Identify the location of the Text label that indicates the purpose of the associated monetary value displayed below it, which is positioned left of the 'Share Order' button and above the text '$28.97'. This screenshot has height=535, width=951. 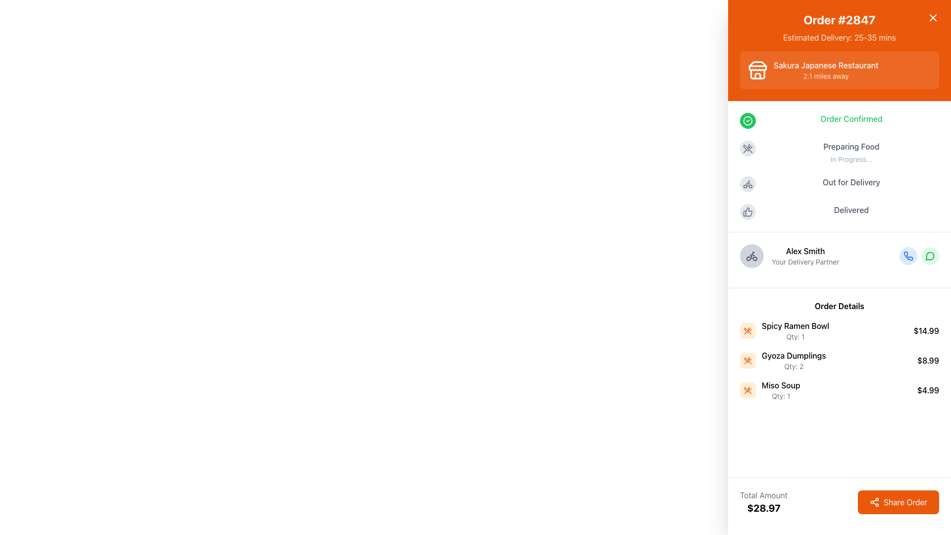
(763, 495).